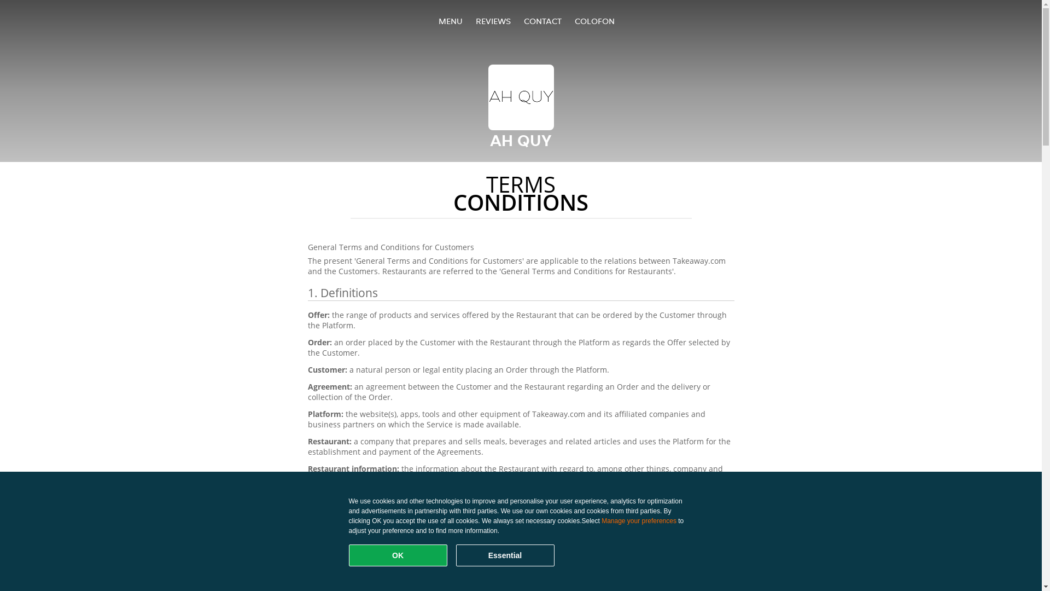 This screenshot has height=591, width=1050. What do you see at coordinates (523, 21) in the screenshot?
I see `'CONTACT'` at bounding box center [523, 21].